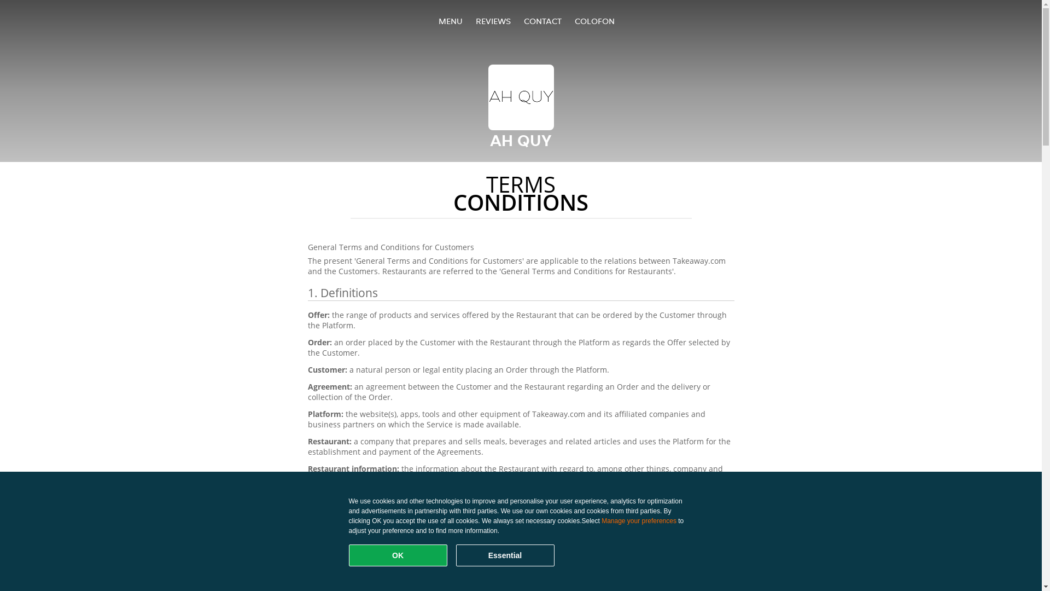 This screenshot has height=591, width=1050. What do you see at coordinates (523, 21) in the screenshot?
I see `'CONTACT'` at bounding box center [523, 21].